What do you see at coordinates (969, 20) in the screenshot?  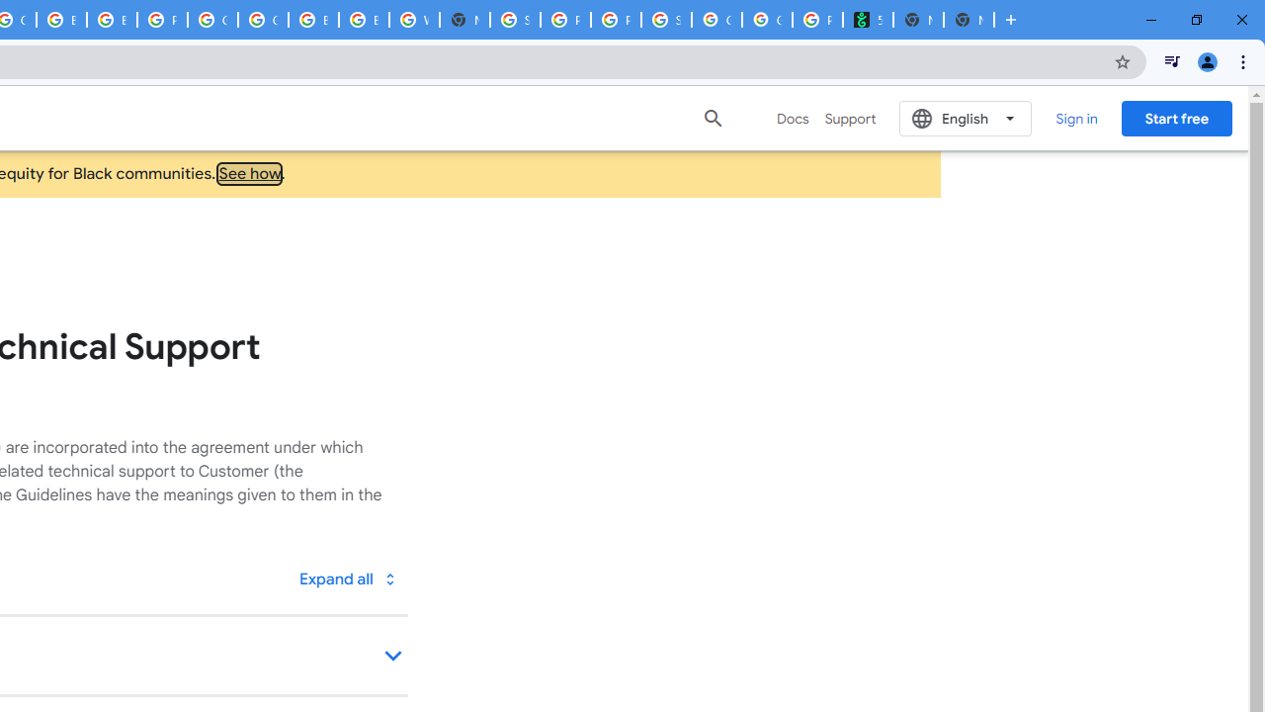 I see `'New Tab'` at bounding box center [969, 20].